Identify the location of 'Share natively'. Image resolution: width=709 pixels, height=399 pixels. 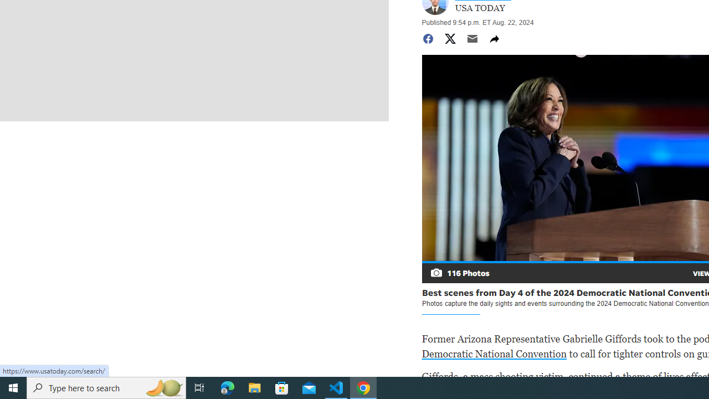
(494, 38).